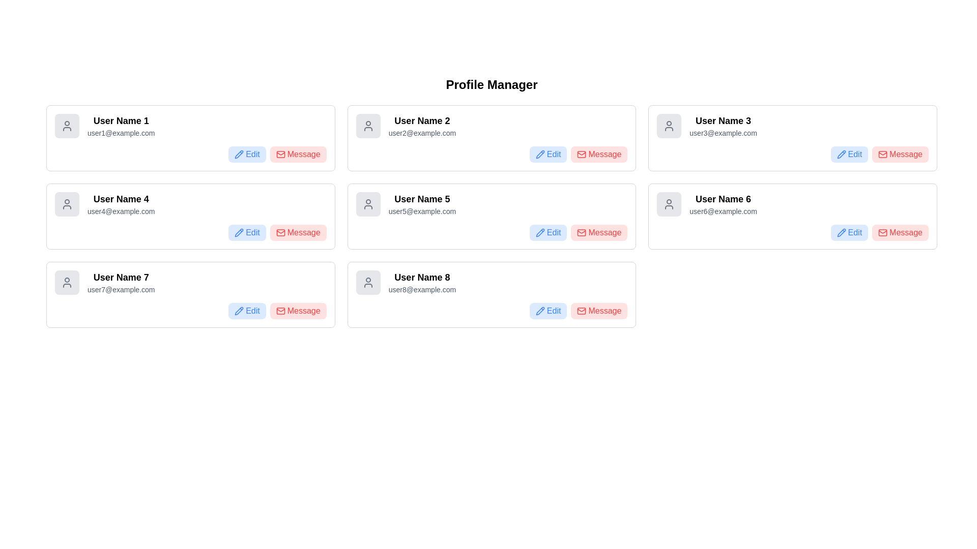  I want to click on the user profile icon representing 'User Name 8', located at the bottom right section of the grid layout, preceding the text and action buttons, so click(367, 282).